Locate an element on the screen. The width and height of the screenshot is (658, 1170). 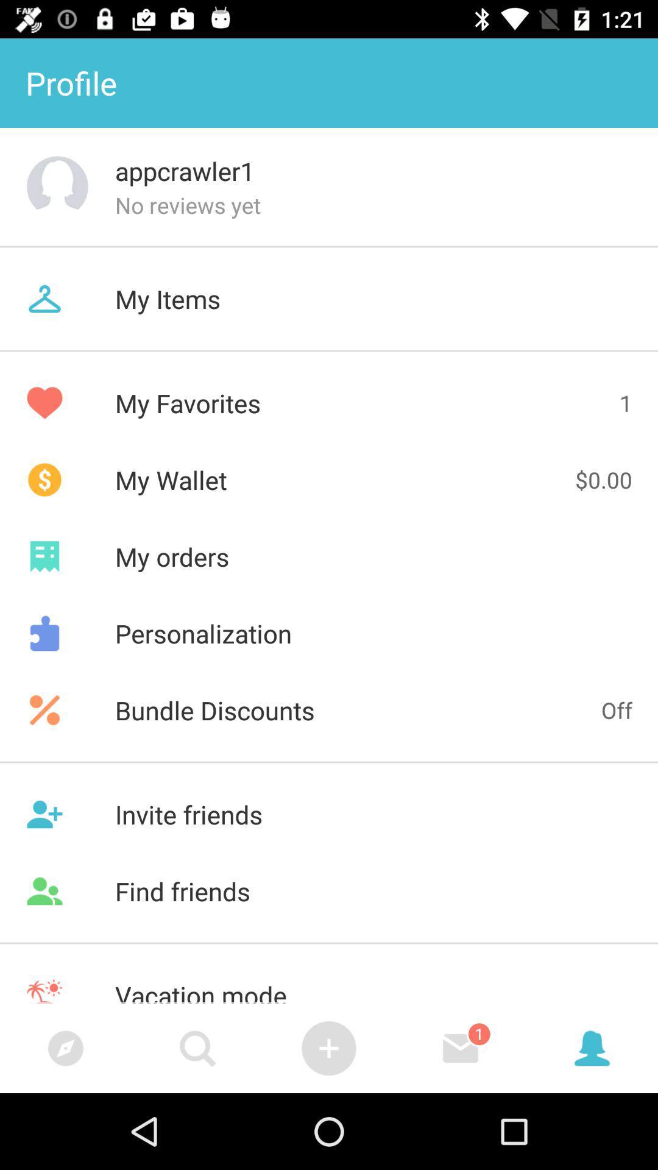
vacation mode is located at coordinates (329, 980).